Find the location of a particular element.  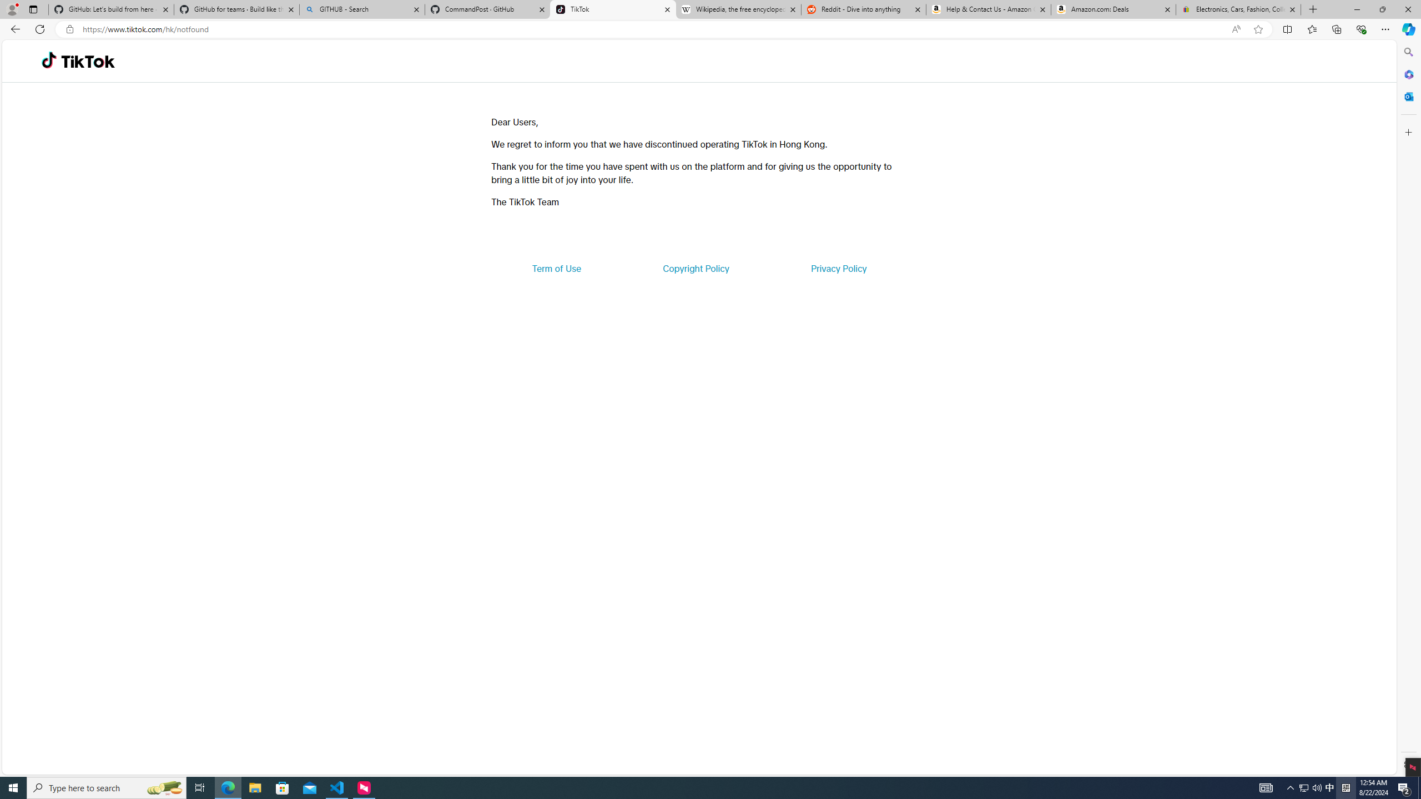

'Copyright Policy' is located at coordinates (695, 267).